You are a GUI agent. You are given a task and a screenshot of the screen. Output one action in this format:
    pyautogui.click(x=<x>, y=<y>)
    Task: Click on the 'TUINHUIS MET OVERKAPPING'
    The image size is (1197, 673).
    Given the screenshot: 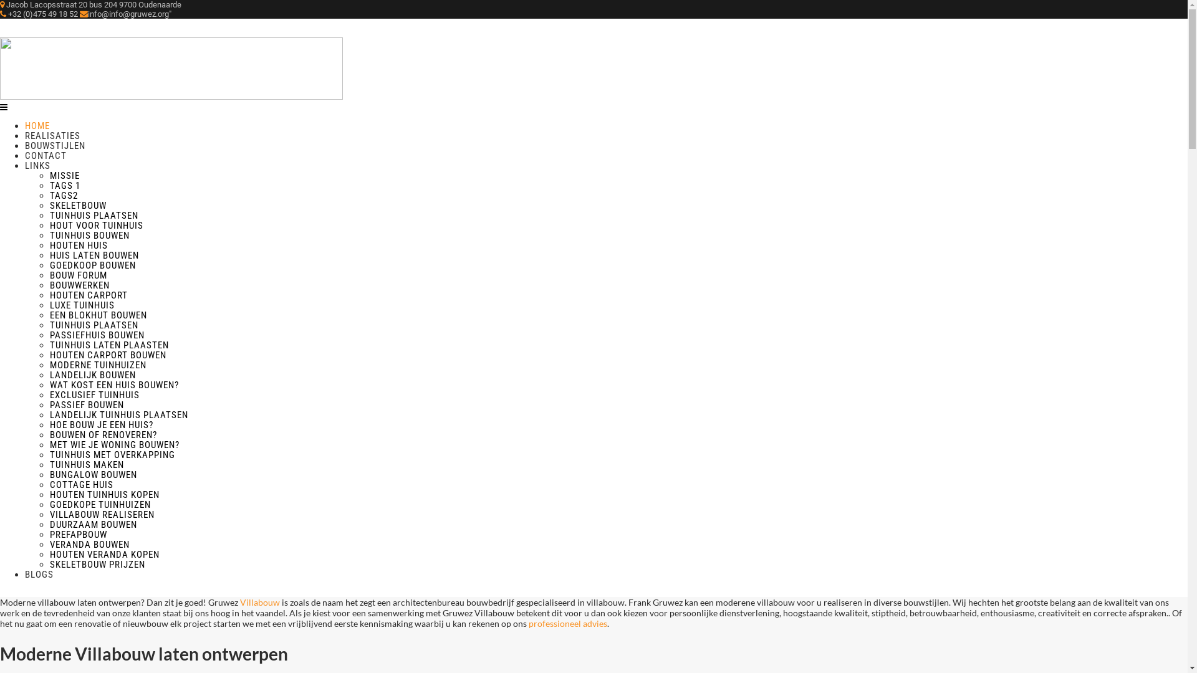 What is the action you would take?
    pyautogui.click(x=112, y=454)
    